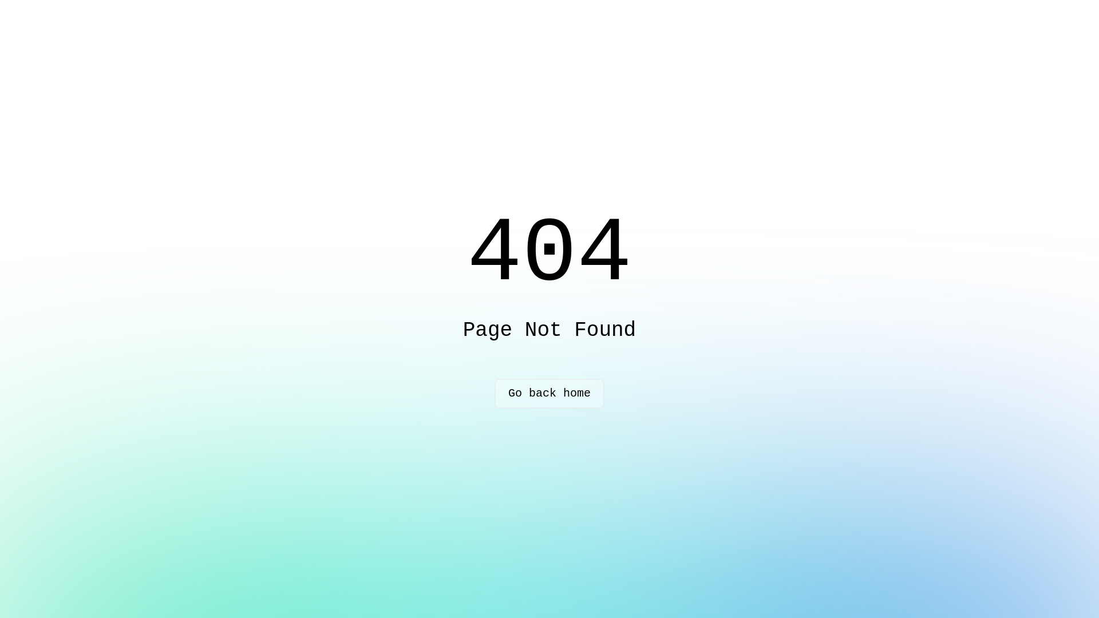 This screenshot has width=1099, height=618. Describe the element at coordinates (495, 393) in the screenshot. I see `'Go back home'` at that location.